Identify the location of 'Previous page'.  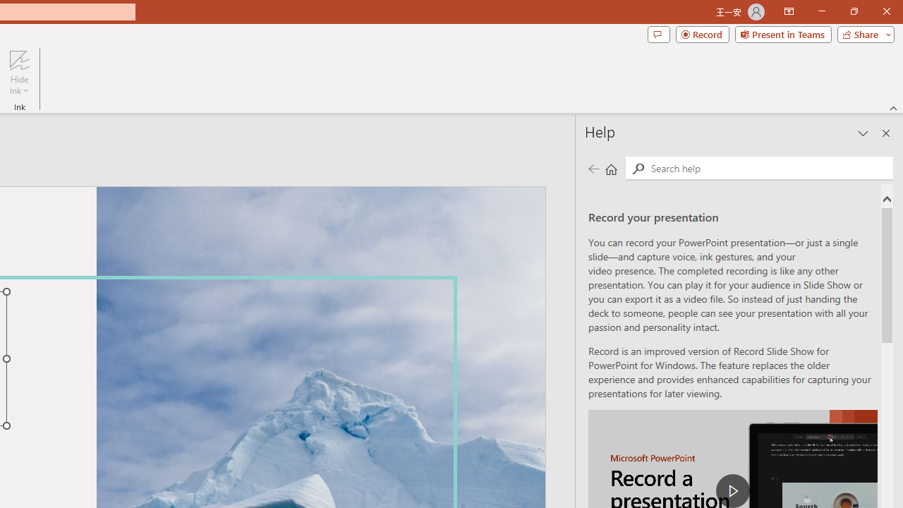
(593, 168).